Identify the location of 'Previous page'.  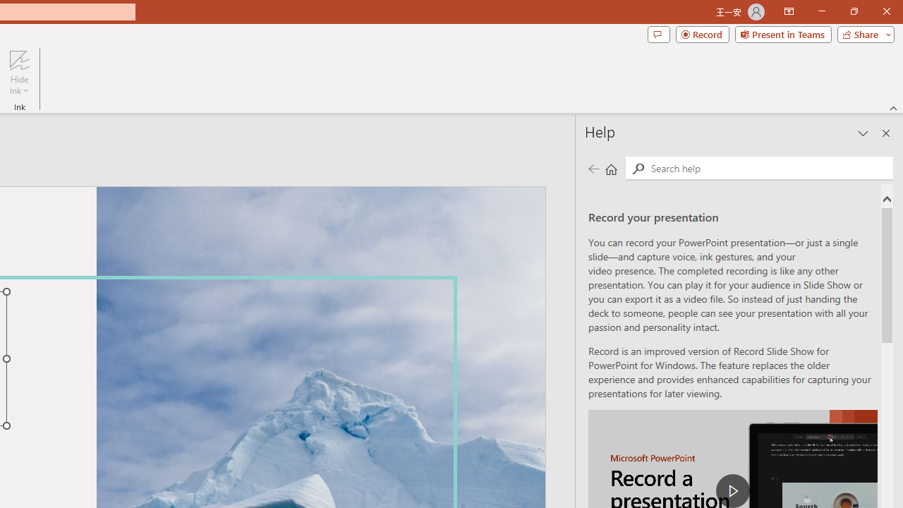
(593, 168).